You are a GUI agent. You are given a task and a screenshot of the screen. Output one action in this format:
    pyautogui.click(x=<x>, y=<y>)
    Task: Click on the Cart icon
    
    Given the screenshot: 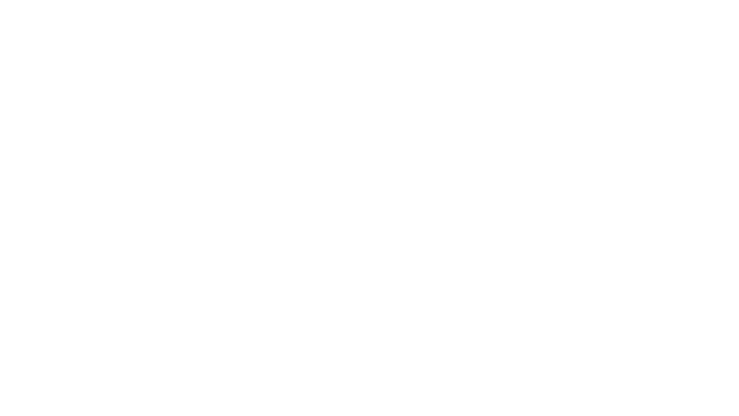 What is the action you would take?
    pyautogui.click(x=600, y=22)
    